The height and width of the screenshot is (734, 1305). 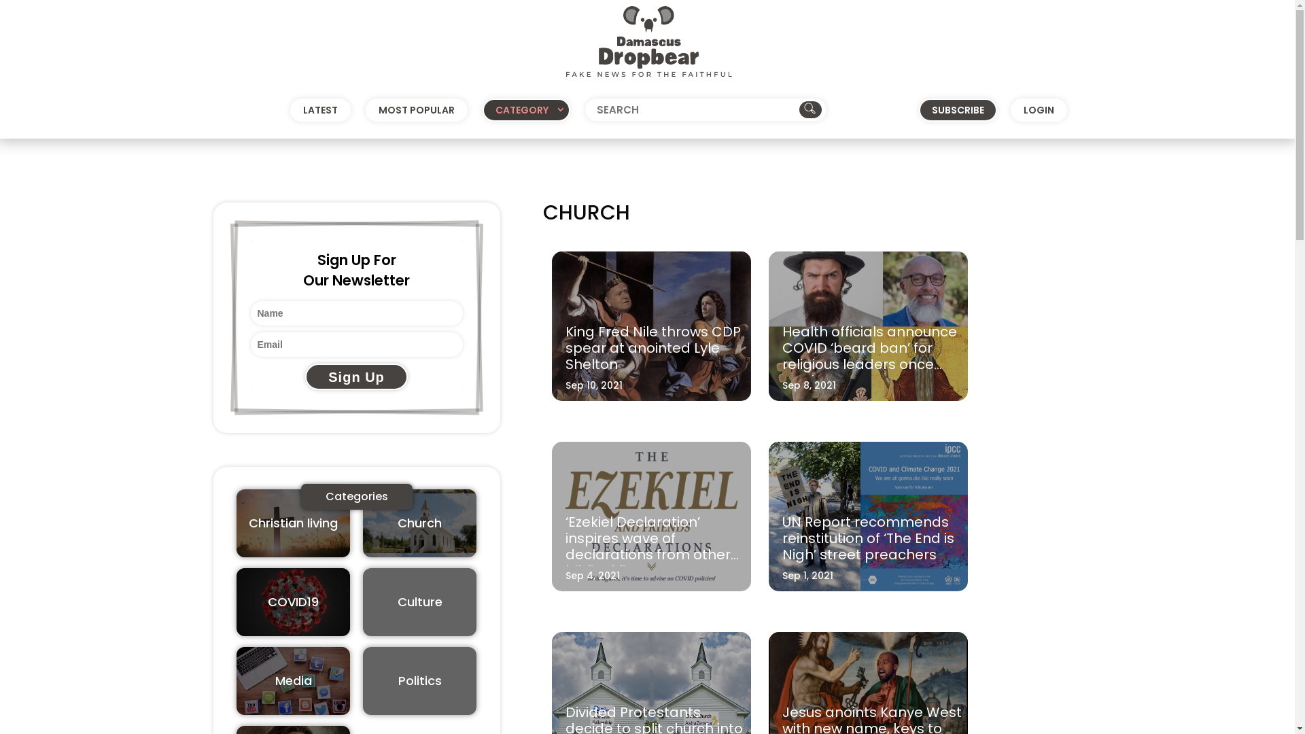 I want to click on 'Christian living', so click(x=292, y=523).